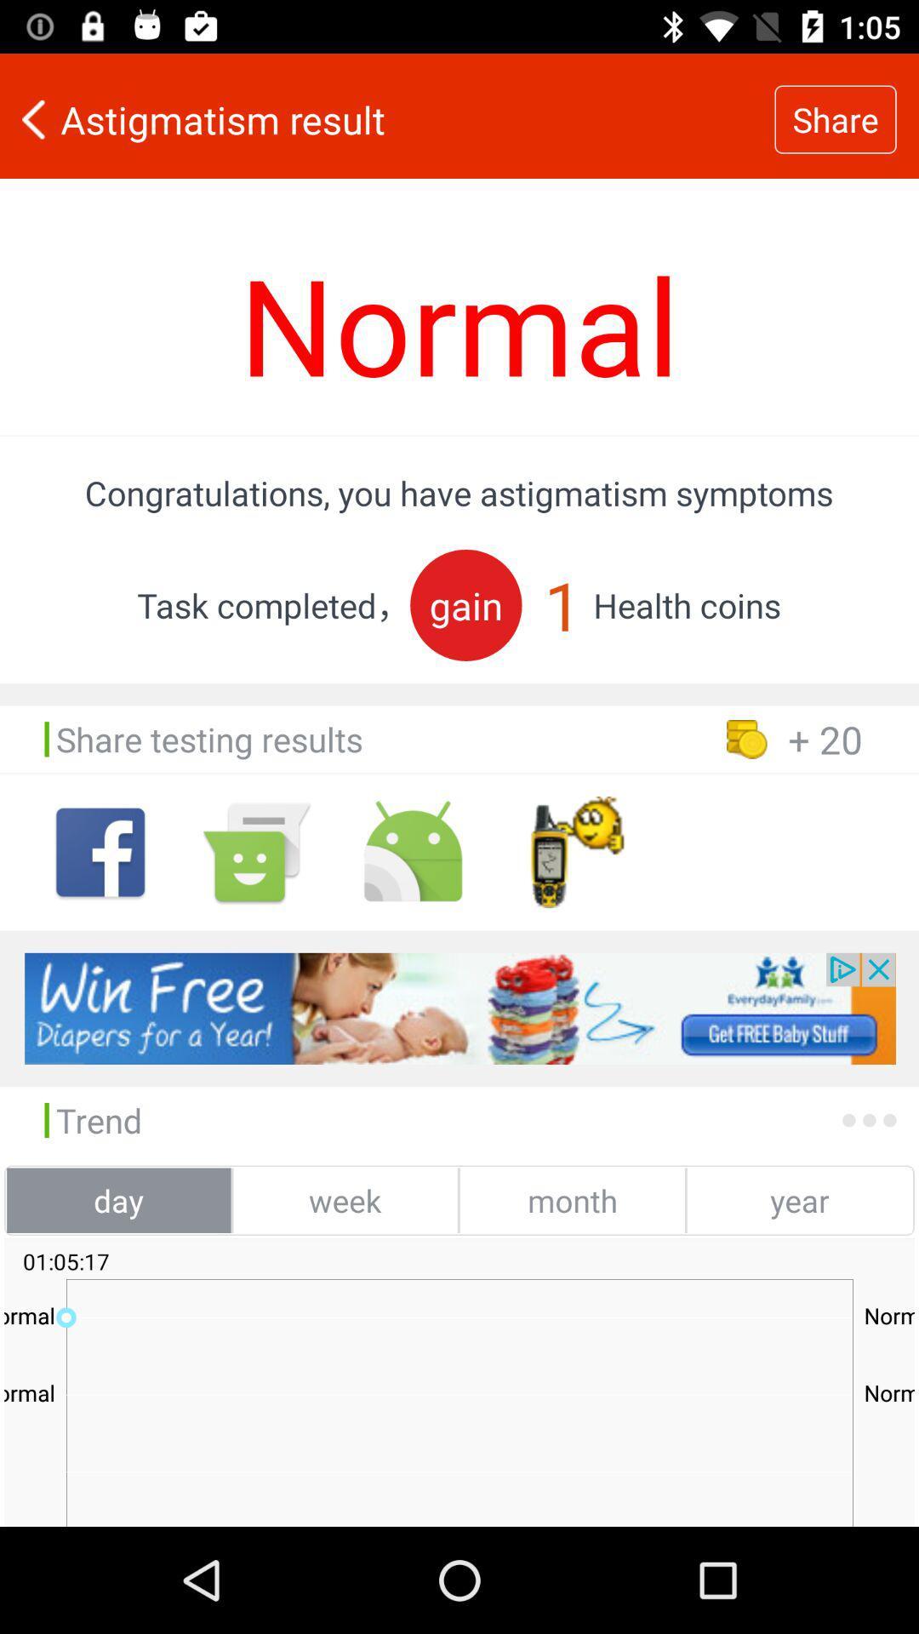 This screenshot has height=1634, width=919. I want to click on astigmatism result, so click(387, 118).